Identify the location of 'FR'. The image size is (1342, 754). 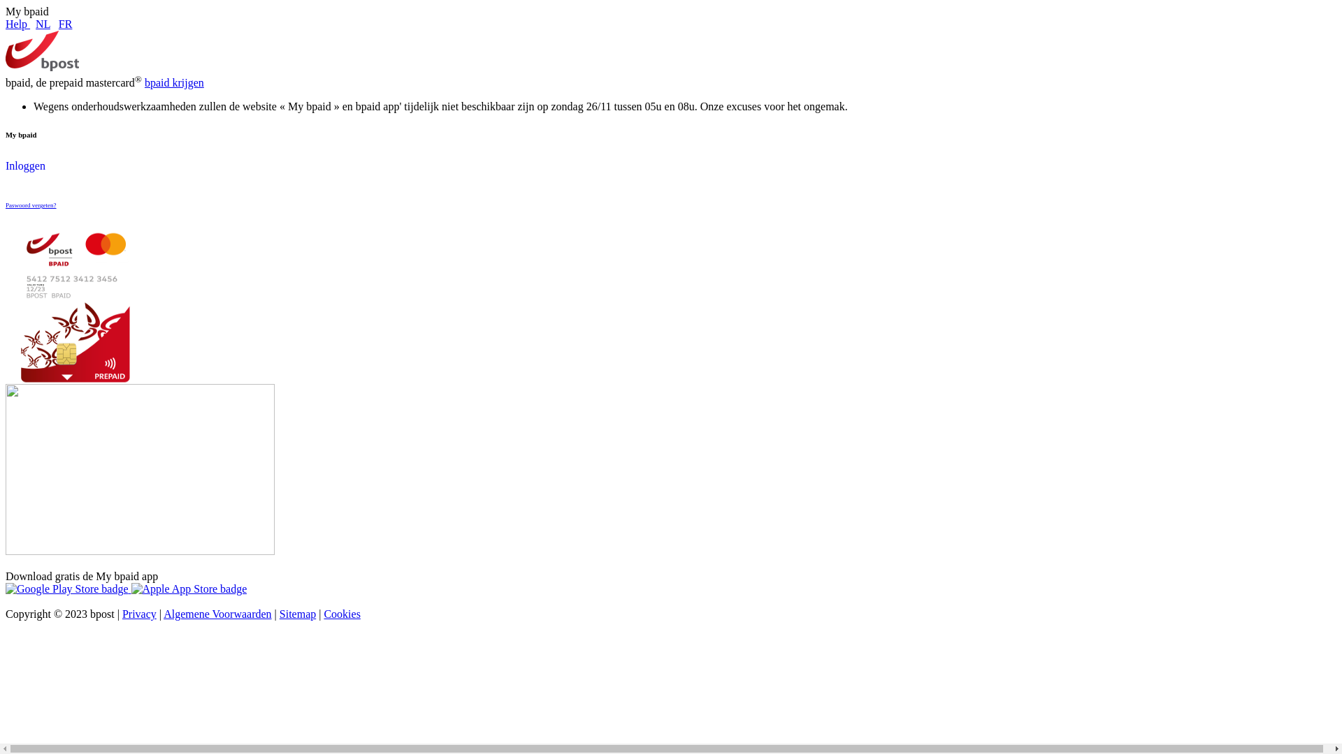
(57, 24).